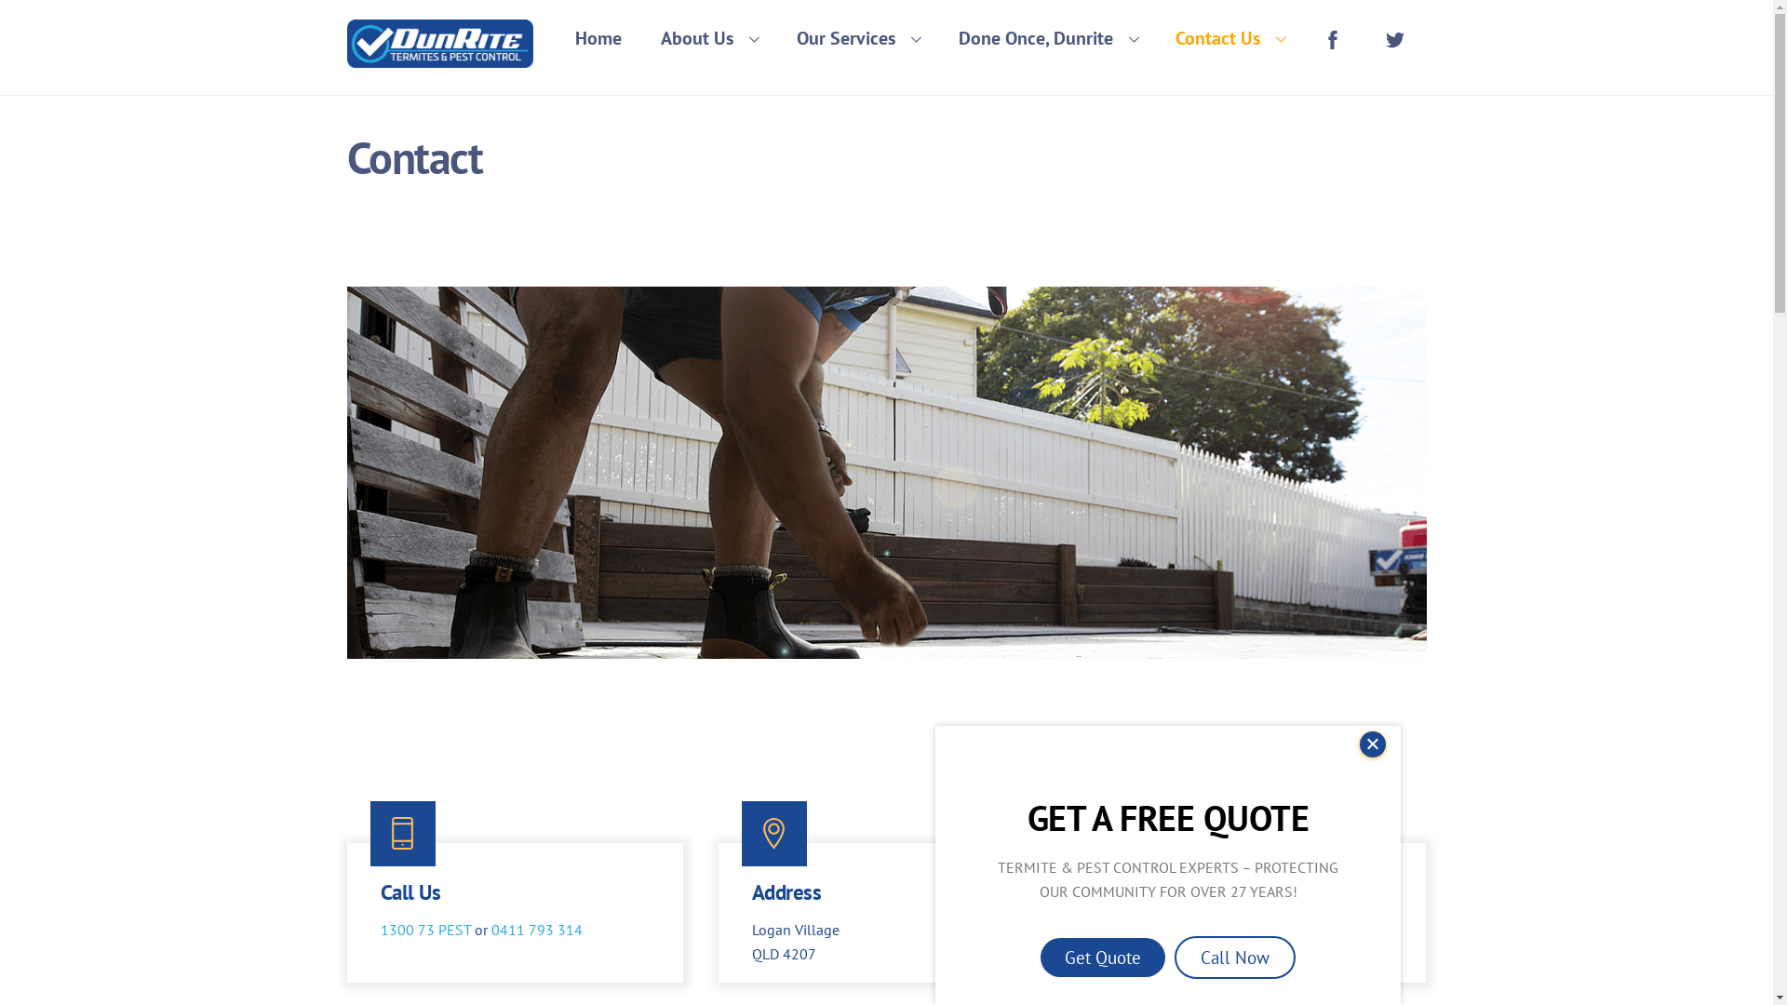 Image resolution: width=1787 pixels, height=1005 pixels. I want to click on 'Dunrite Termites & Pest Control', so click(437, 54).